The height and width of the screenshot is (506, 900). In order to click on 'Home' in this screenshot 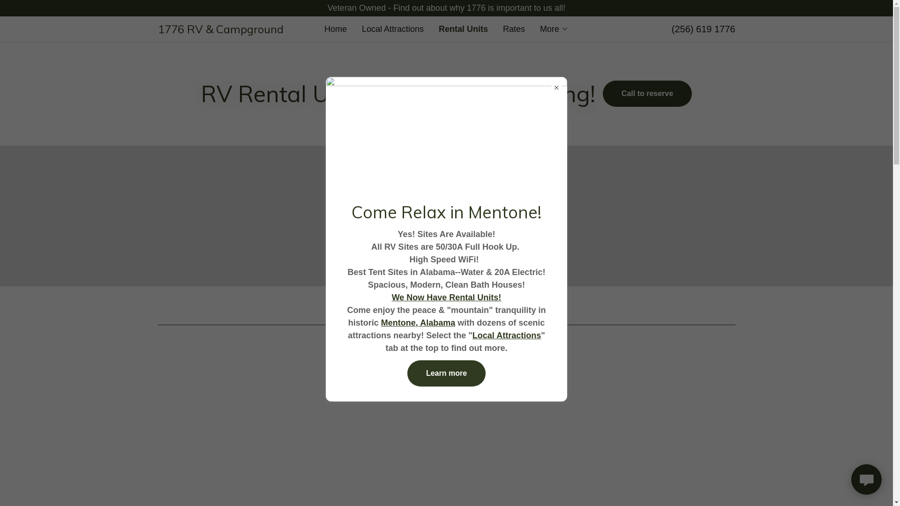, I will do `click(335, 28)`.